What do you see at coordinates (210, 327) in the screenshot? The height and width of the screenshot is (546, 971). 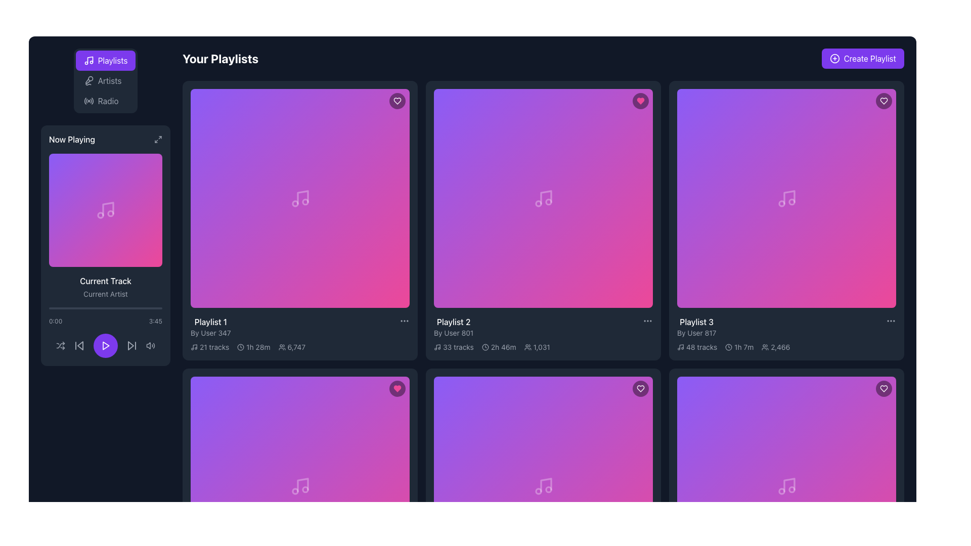 I see `the 'Playlist 1' title and subtitle text display in the 'Your Playlists' section` at bounding box center [210, 327].